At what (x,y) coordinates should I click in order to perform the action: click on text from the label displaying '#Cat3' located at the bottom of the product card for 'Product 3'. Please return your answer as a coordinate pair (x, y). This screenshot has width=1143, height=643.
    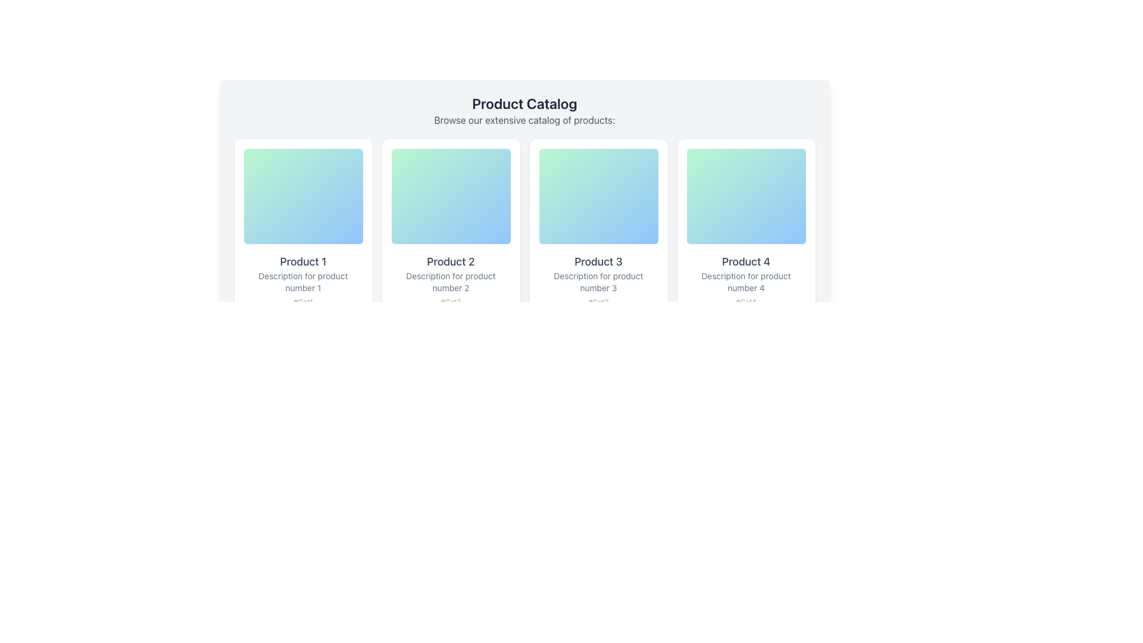
    Looking at the image, I should click on (598, 301).